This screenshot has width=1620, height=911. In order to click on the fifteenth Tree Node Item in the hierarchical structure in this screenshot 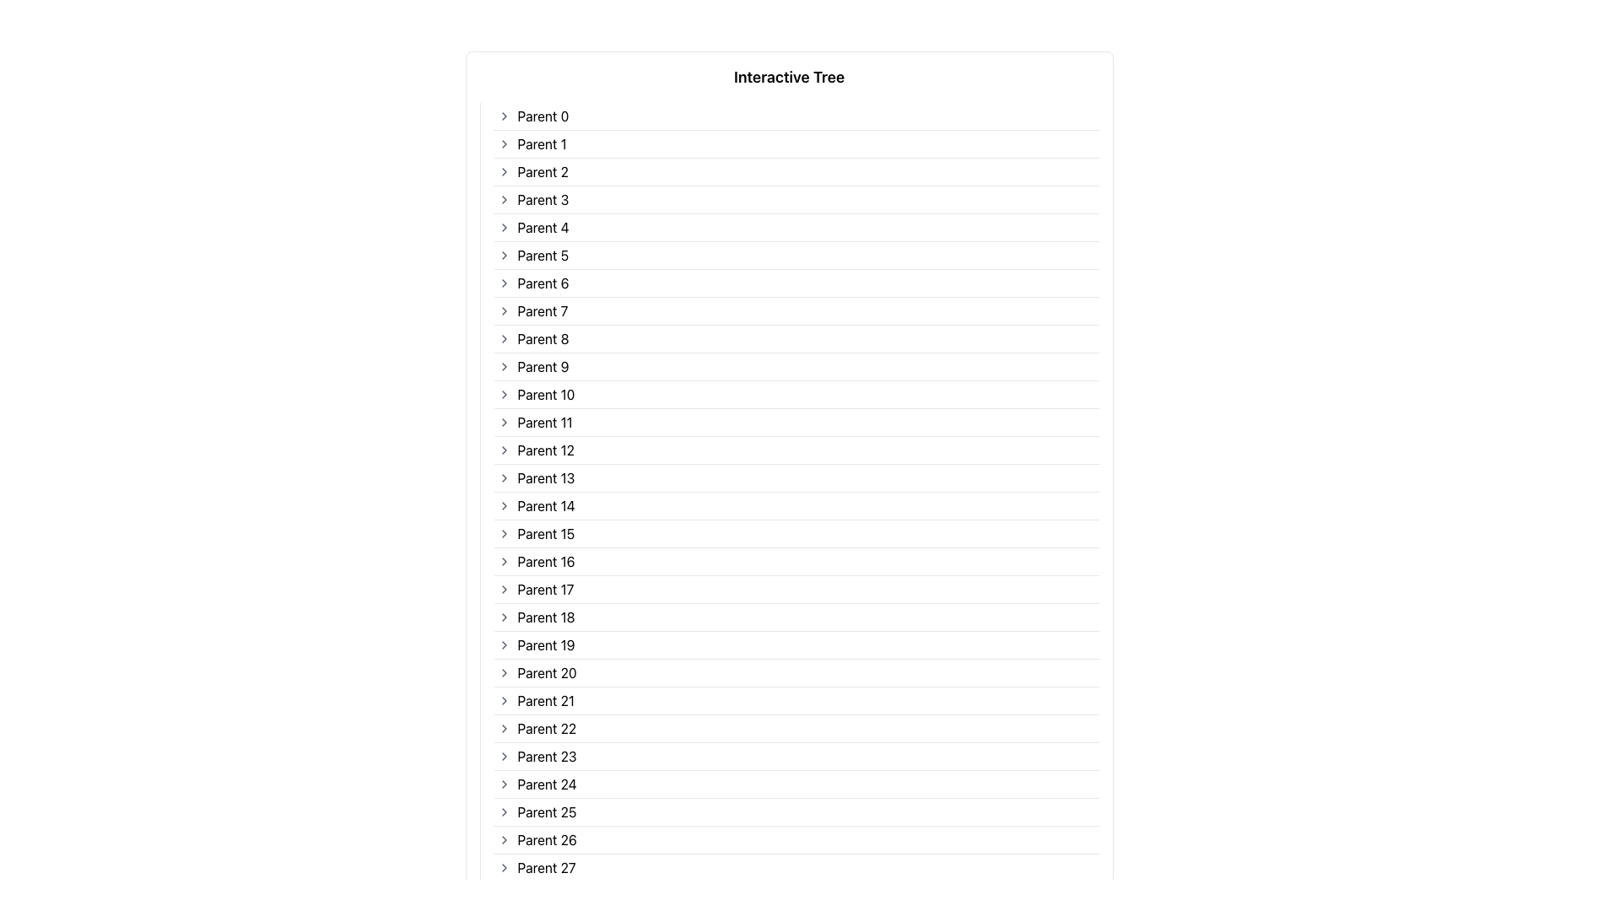, I will do `click(796, 533)`.